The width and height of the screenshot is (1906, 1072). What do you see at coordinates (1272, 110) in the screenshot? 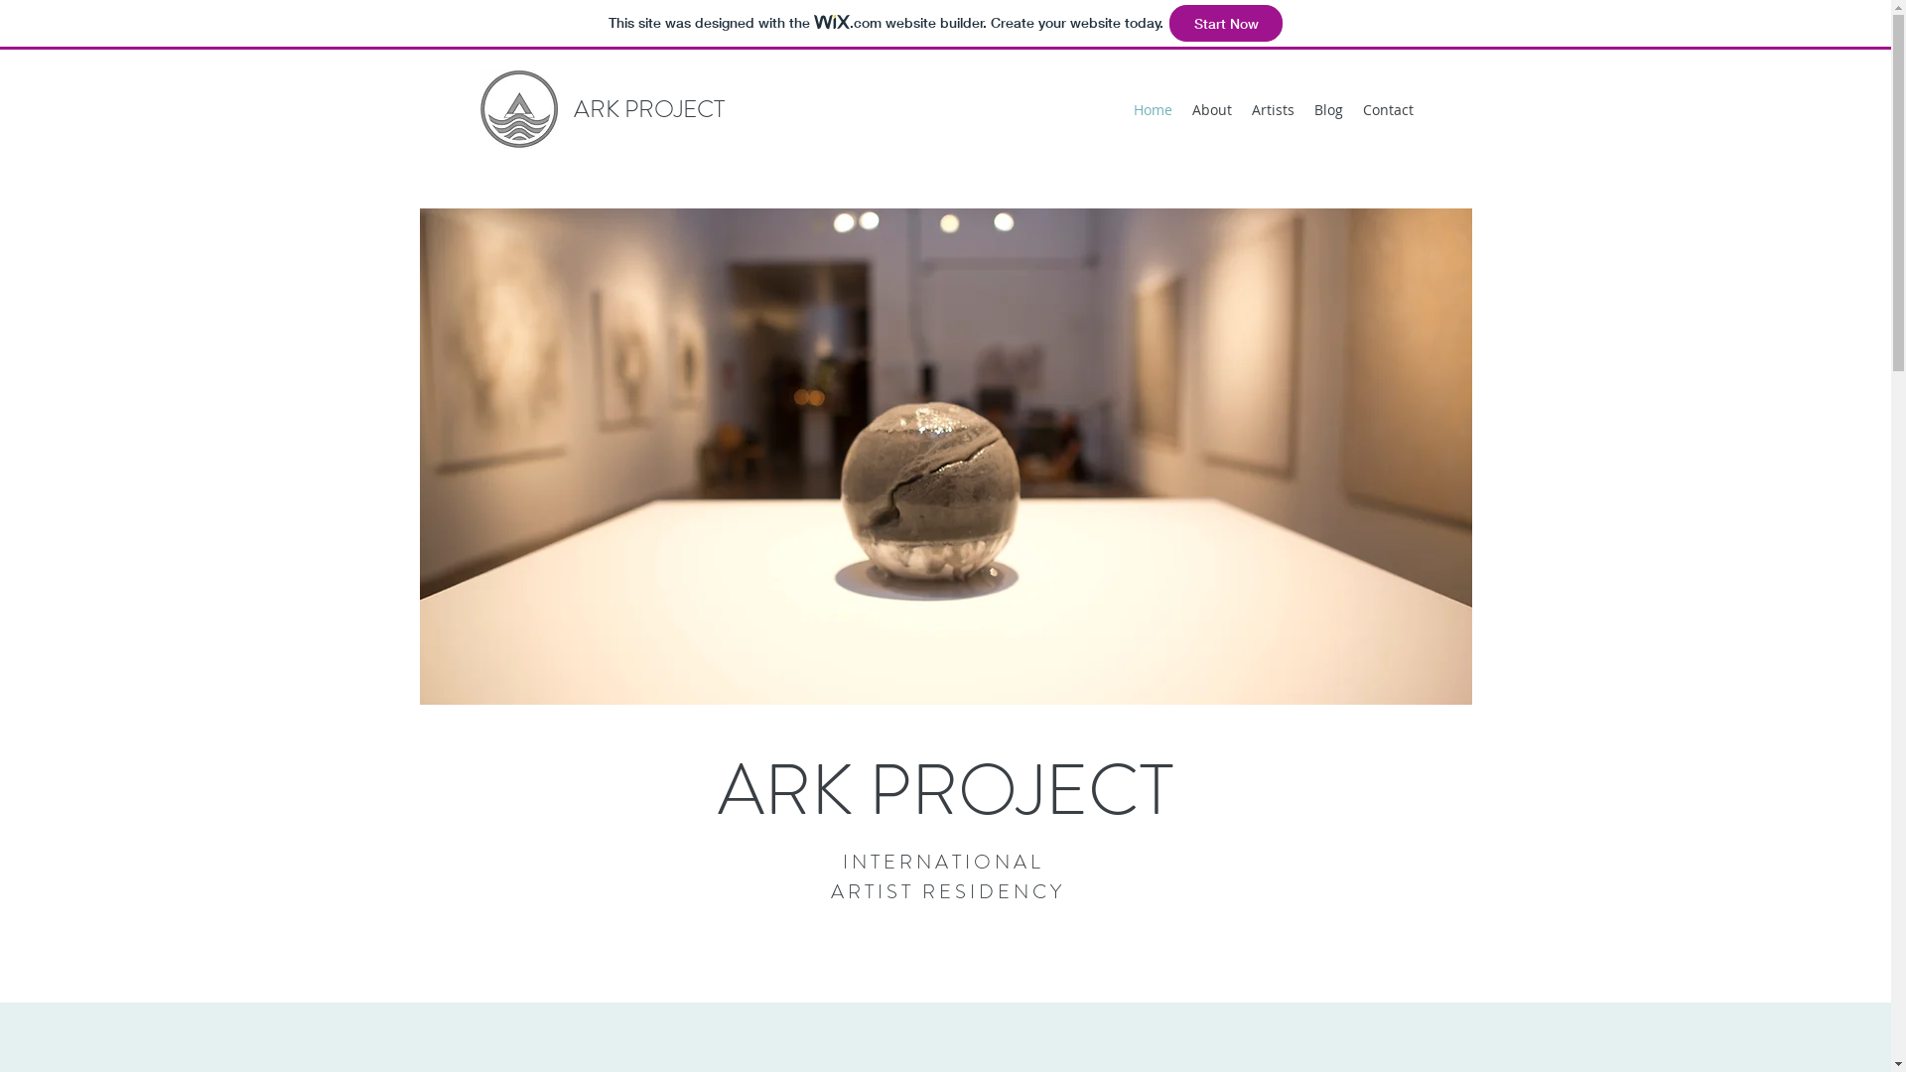
I see `'Artists'` at bounding box center [1272, 110].